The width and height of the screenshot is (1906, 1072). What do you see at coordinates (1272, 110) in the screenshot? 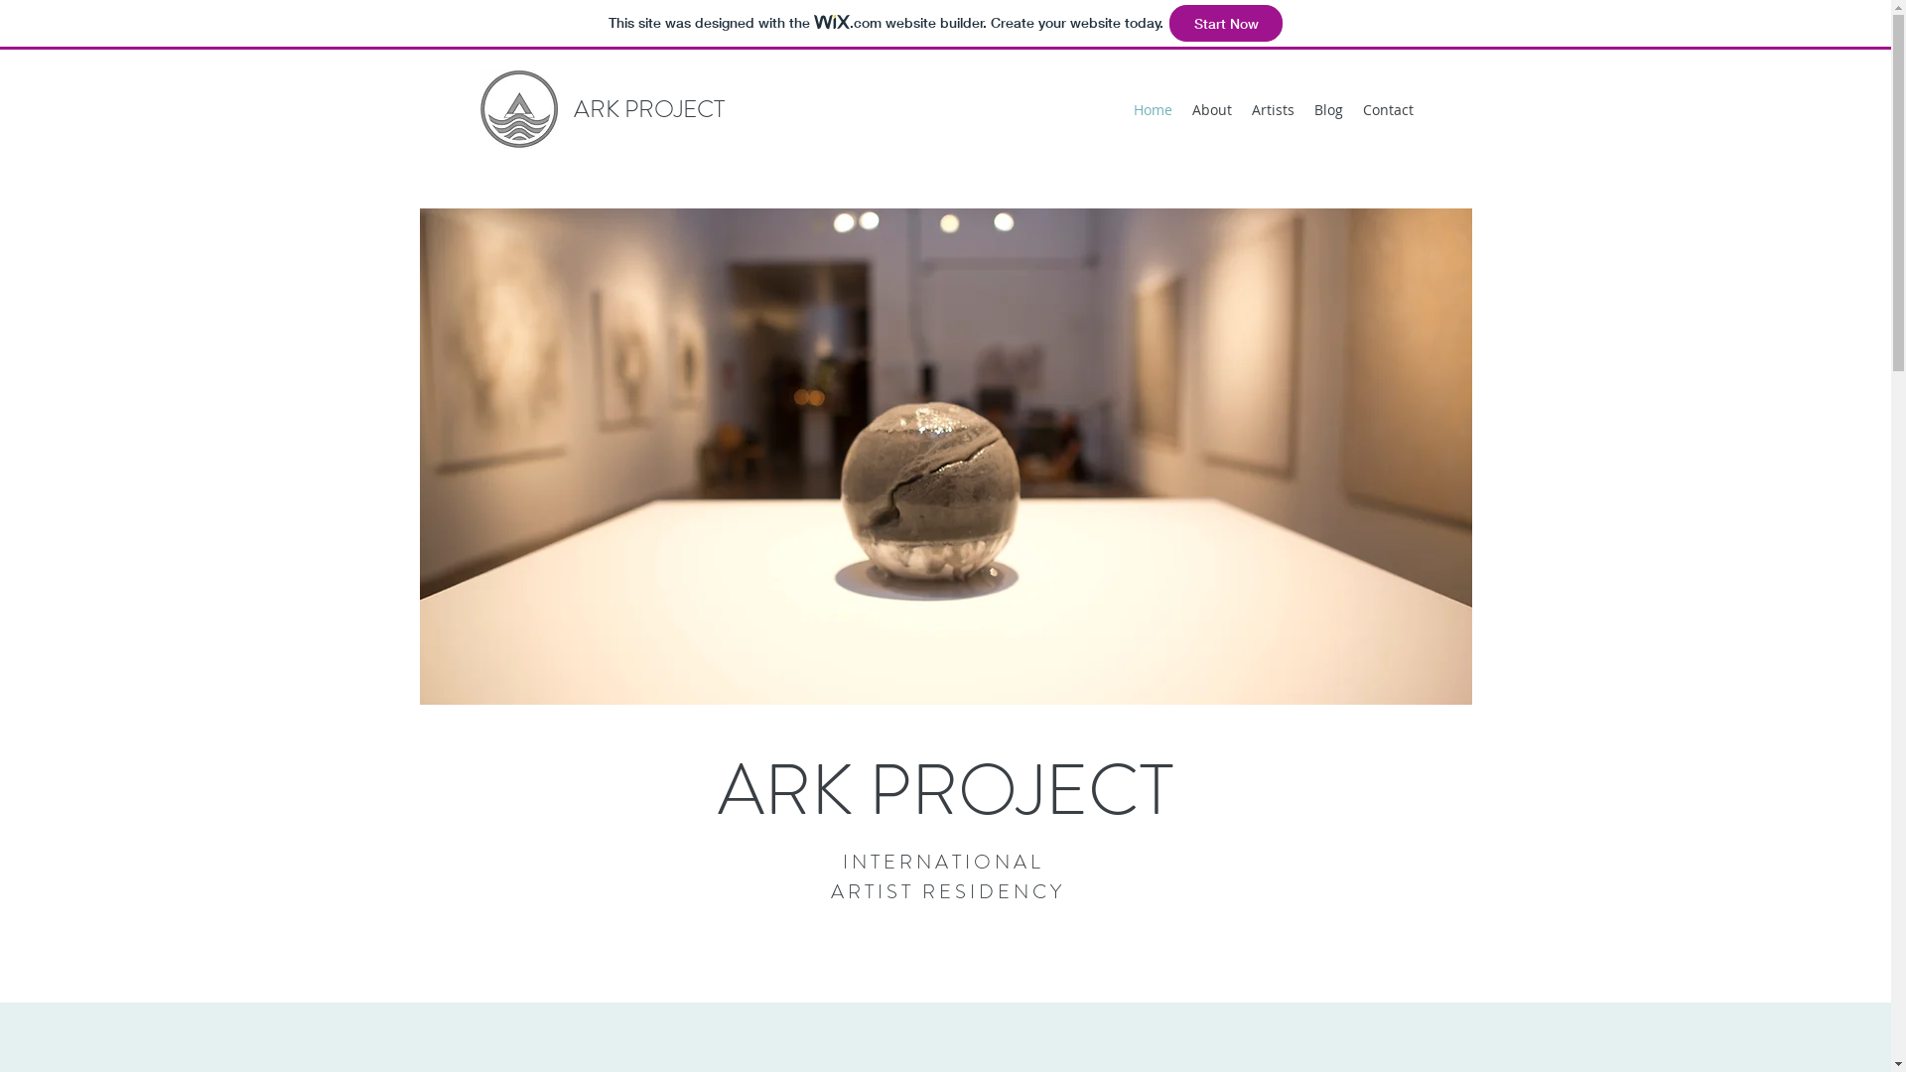
I see `'Artists'` at bounding box center [1272, 110].